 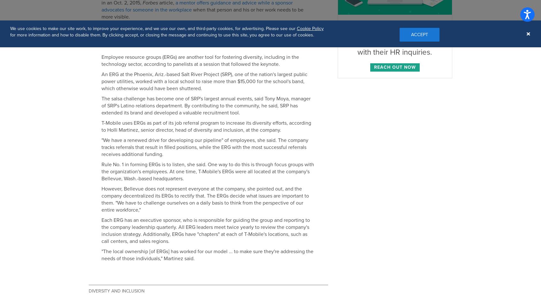 What do you see at coordinates (140, 43) in the screenshot?
I see `'Employee Resource Groups'` at bounding box center [140, 43].